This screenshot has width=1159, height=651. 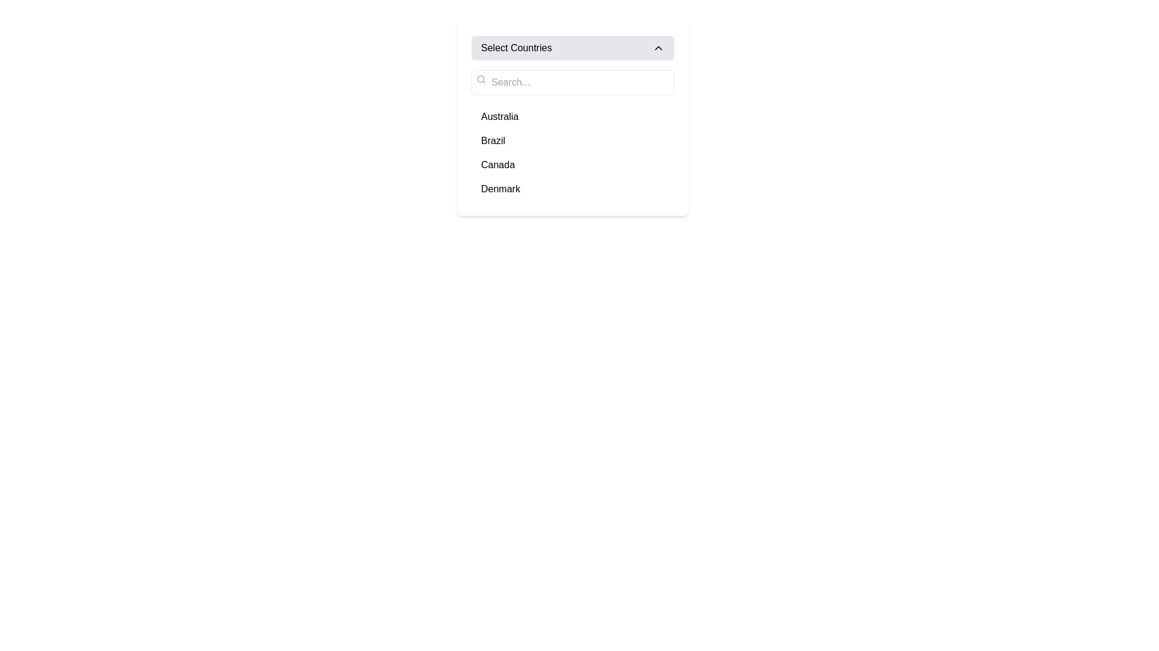 I want to click on the Dropdown toggle labeled 'Select Countries', so click(x=572, y=48).